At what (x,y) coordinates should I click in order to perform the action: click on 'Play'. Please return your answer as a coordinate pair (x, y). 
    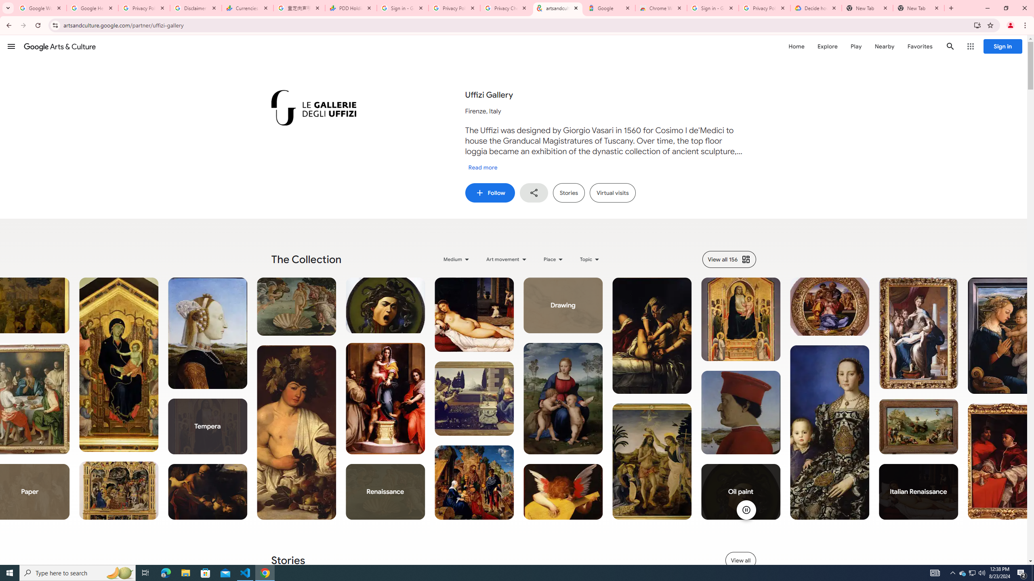
    Looking at the image, I should click on (856, 46).